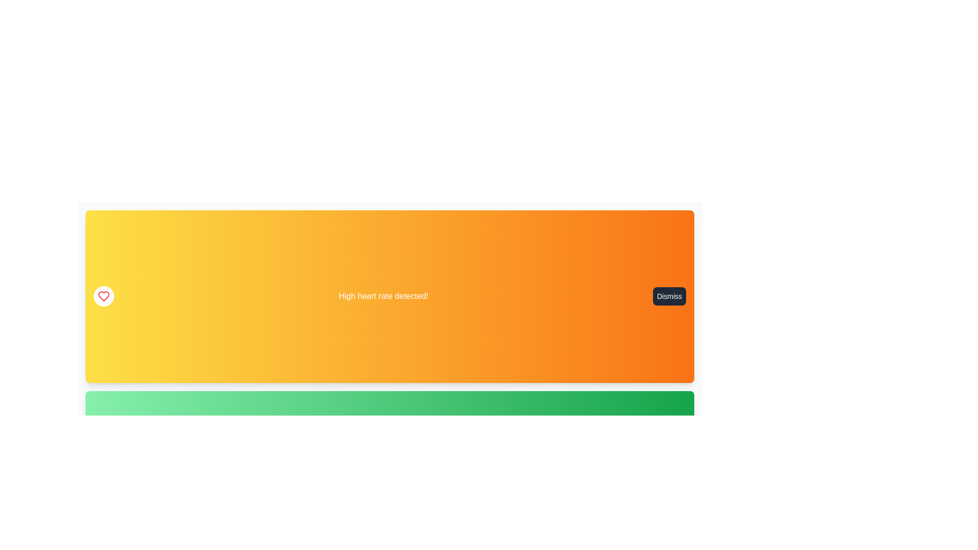  Describe the element at coordinates (669, 296) in the screenshot. I see `the 'Dismiss' button for the alert 'High heart rate detected!'` at that location.